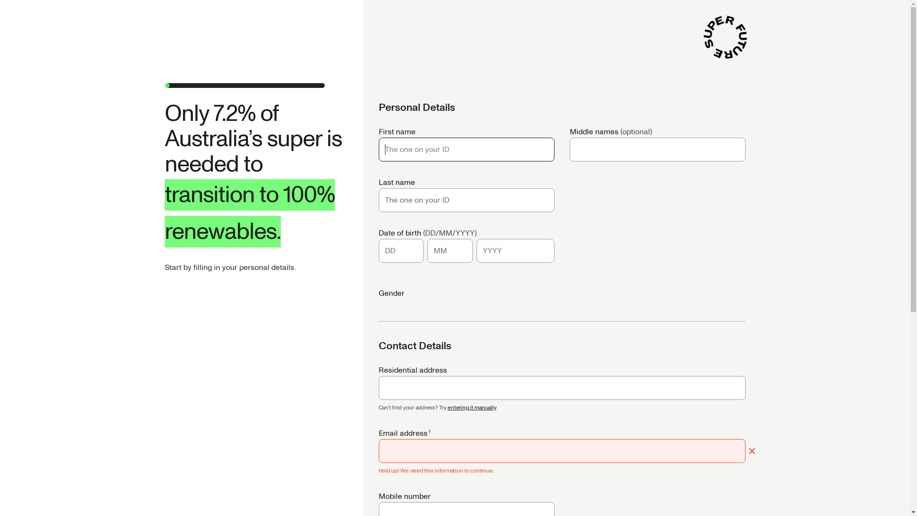  What do you see at coordinates (471, 408) in the screenshot?
I see `'entering it manually'` at bounding box center [471, 408].